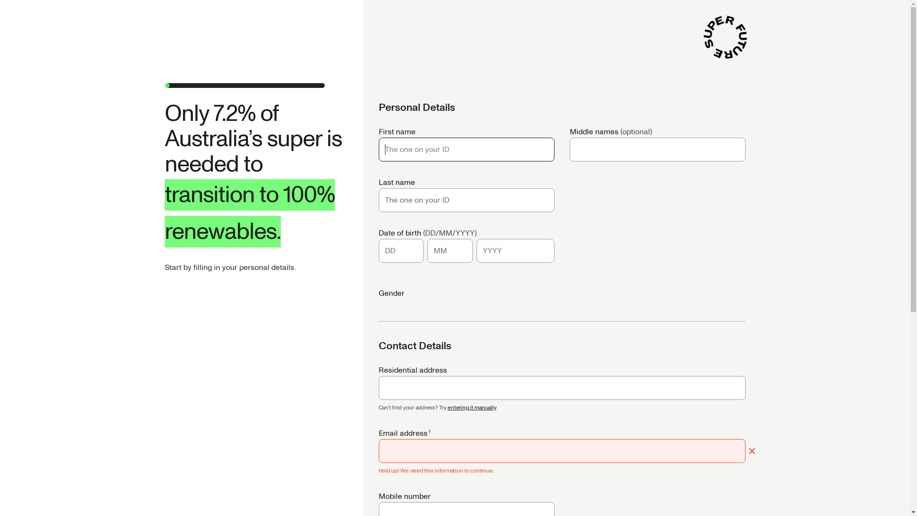  What do you see at coordinates (471, 408) in the screenshot?
I see `'entering it manually'` at bounding box center [471, 408].